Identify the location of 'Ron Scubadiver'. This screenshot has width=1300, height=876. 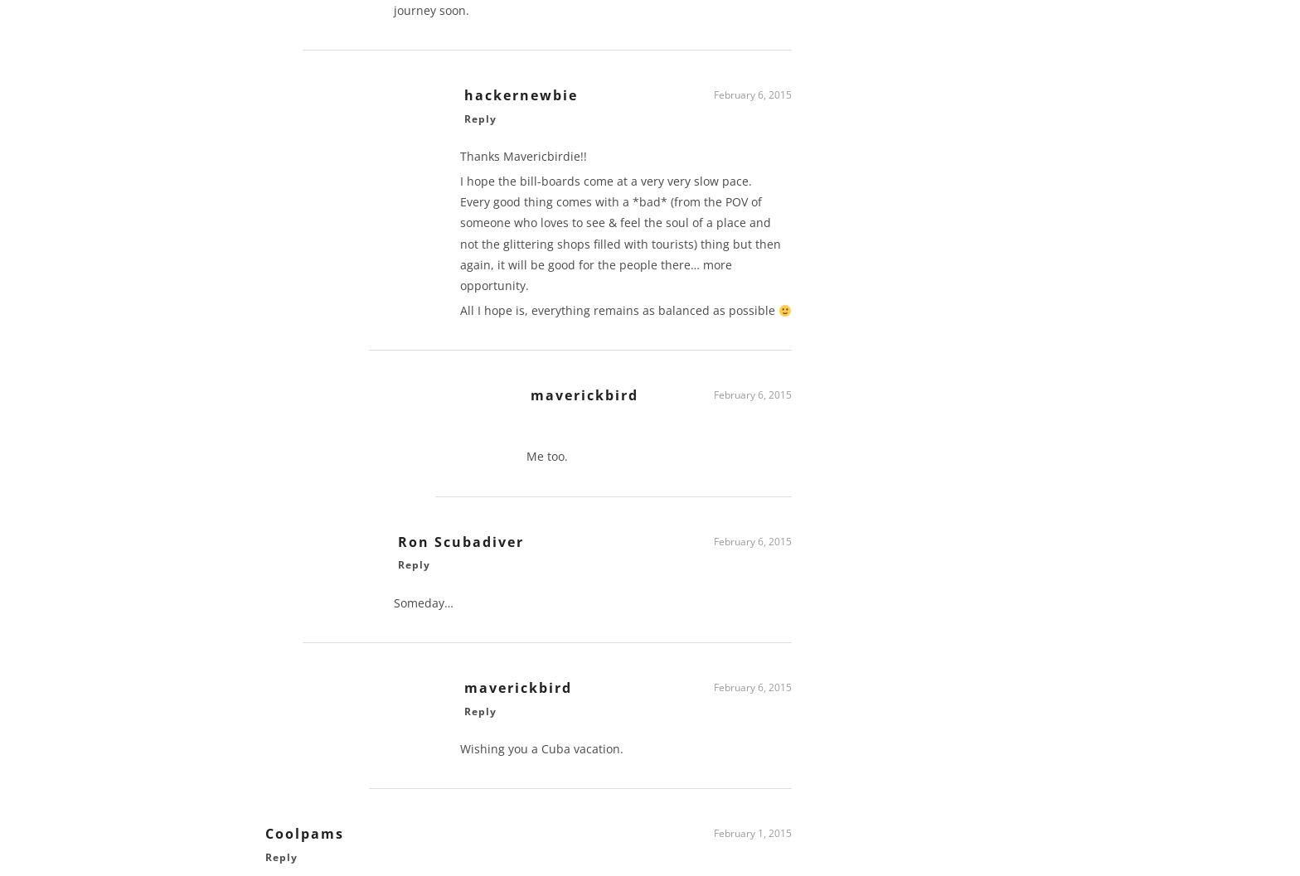
(461, 548).